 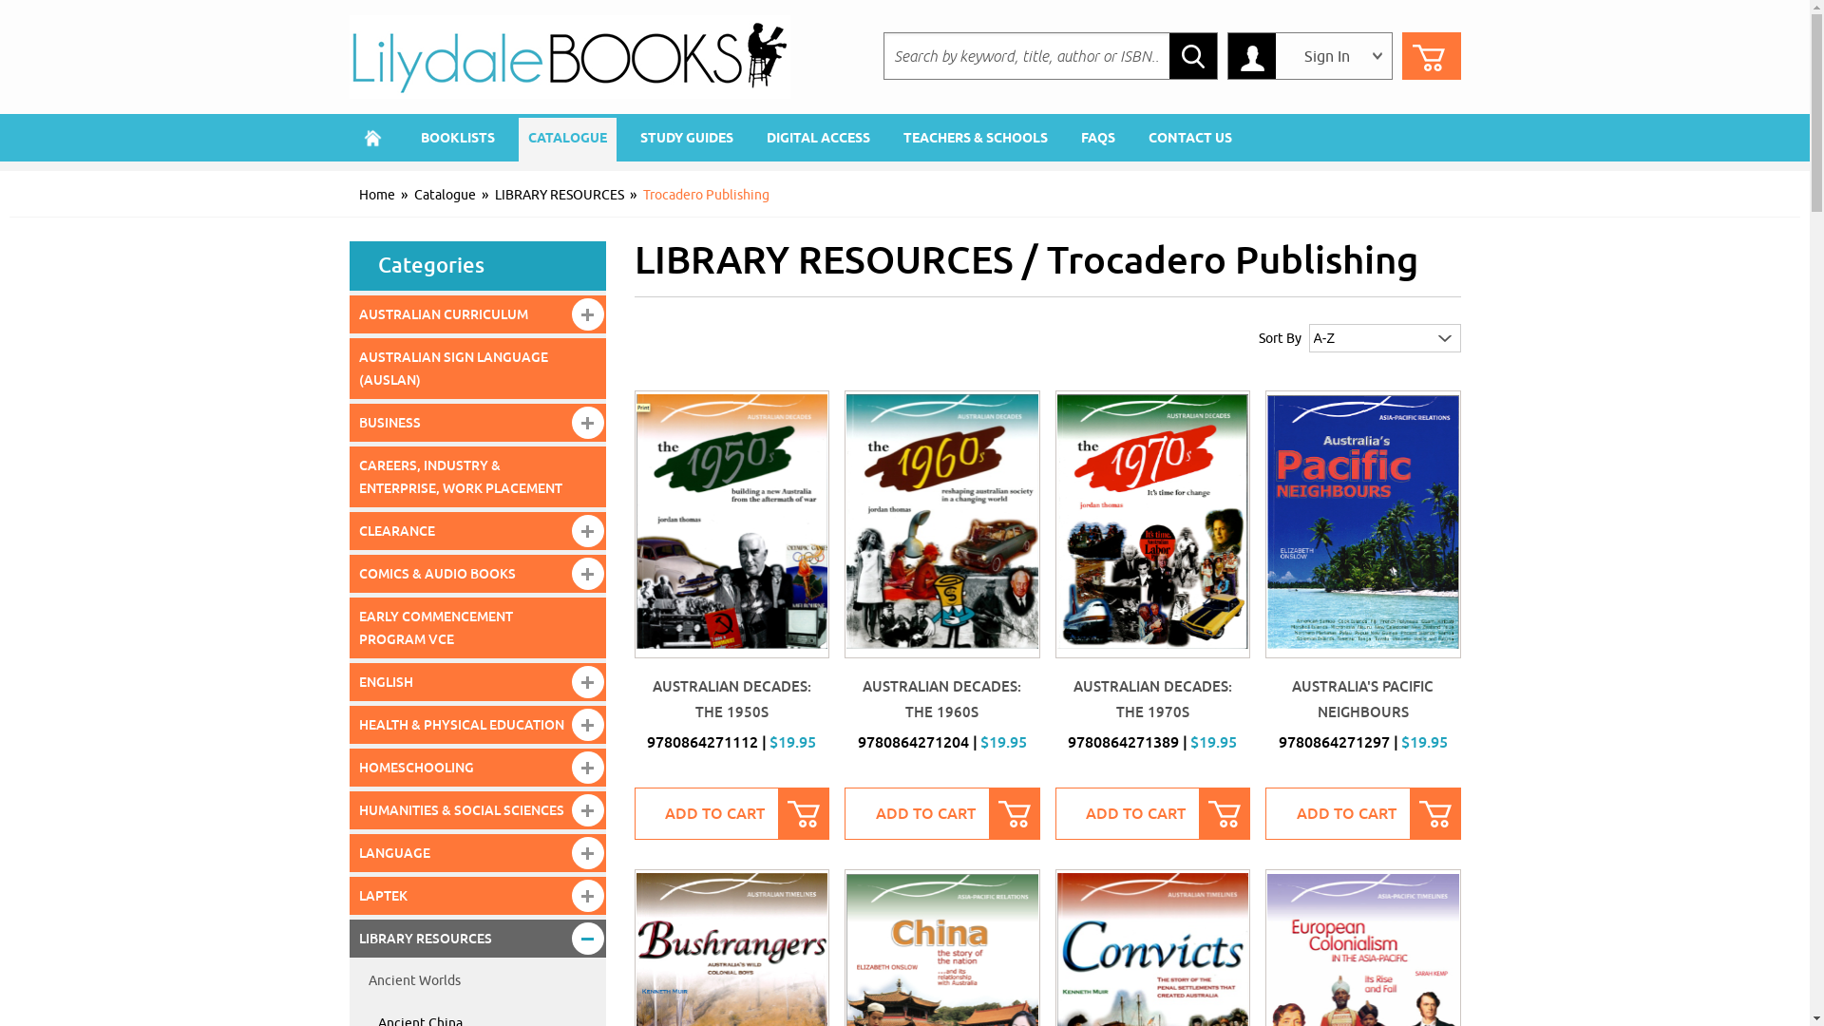 I want to click on 'Ancient Worlds', so click(x=478, y=981).